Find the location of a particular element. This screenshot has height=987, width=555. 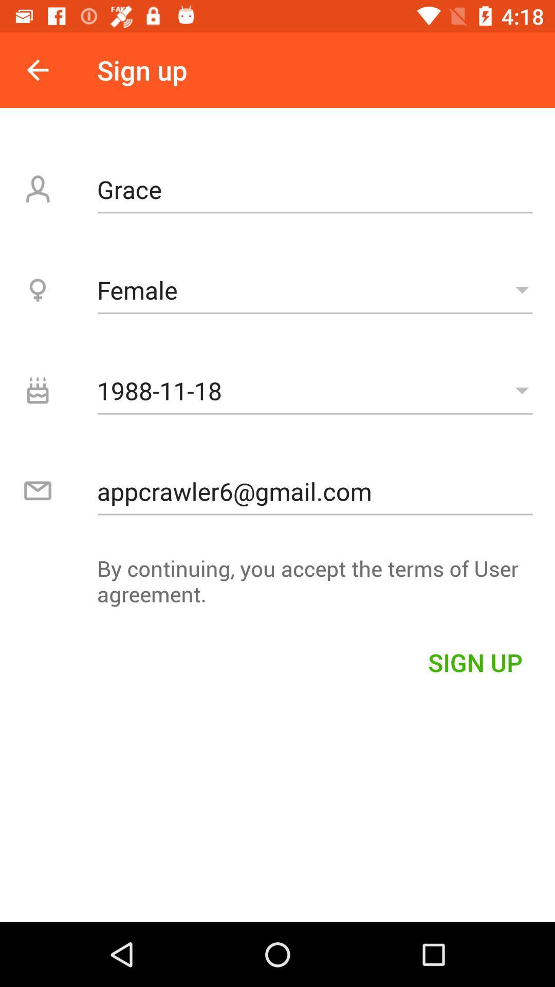

the grace icon is located at coordinates (314, 189).